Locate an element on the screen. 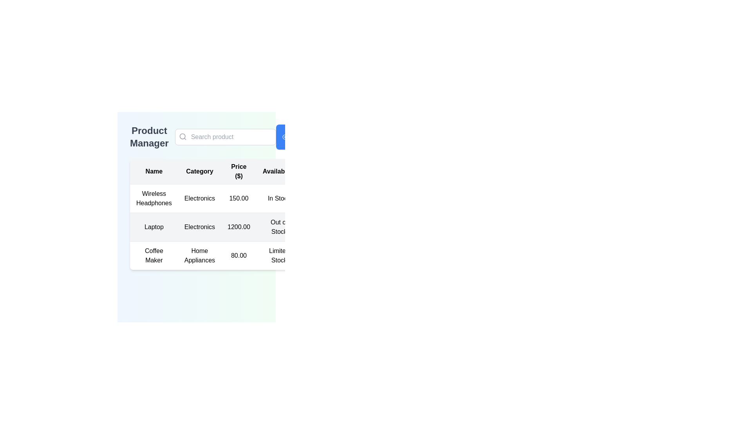 The width and height of the screenshot is (752, 423). the search input box in the 'Product Manager' header is located at coordinates (197, 137).